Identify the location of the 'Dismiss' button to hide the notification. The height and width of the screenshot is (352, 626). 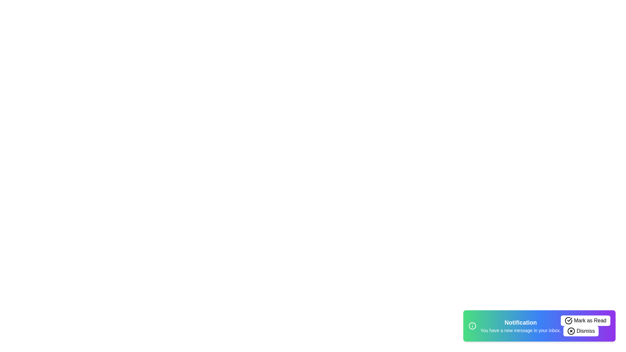
(581, 331).